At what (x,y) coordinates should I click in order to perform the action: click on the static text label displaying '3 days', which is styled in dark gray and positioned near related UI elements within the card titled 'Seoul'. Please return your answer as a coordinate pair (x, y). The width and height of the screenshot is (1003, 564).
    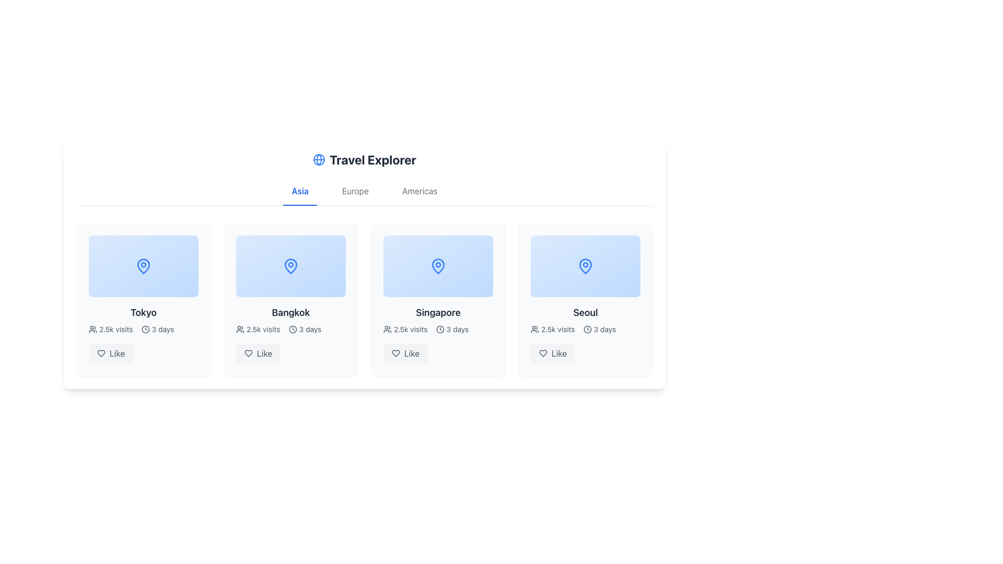
    Looking at the image, I should click on (604, 330).